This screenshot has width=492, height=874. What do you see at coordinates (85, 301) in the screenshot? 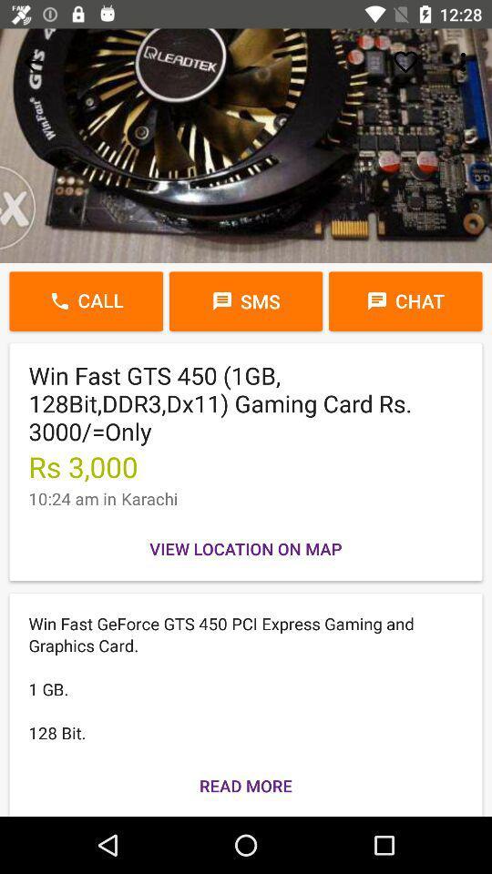
I see `call which is before sms` at bounding box center [85, 301].